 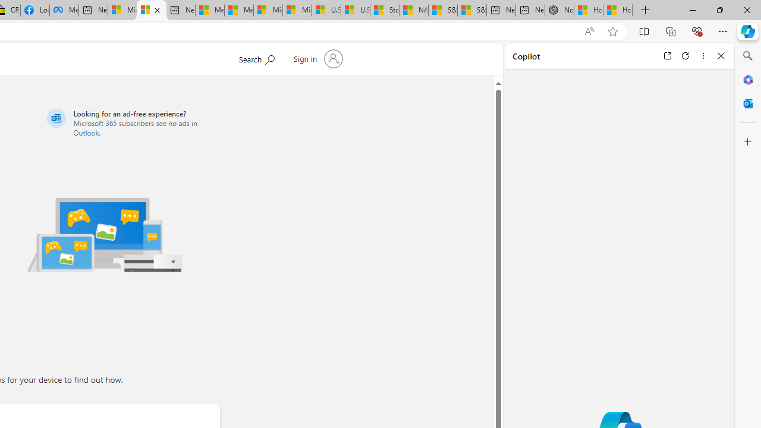 I want to click on 'S&P 500, Nasdaq end lower, weighed by Nvidia dip | Watch', so click(x=471, y=10).